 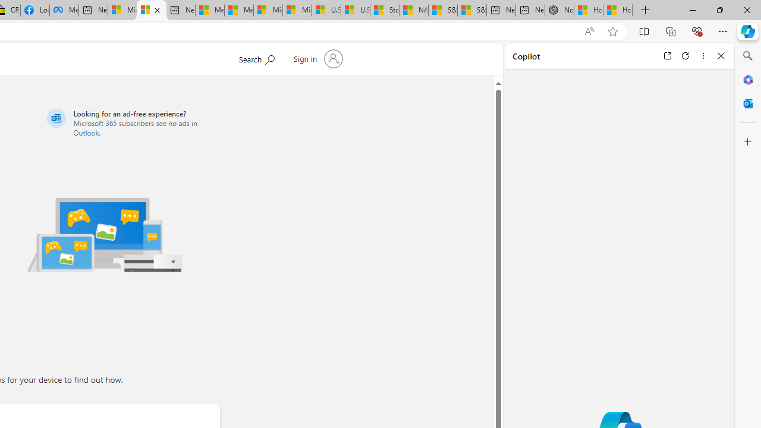 I want to click on 'S&P 500, Nasdaq end lower, weighed by Nvidia dip | Watch', so click(x=471, y=10).